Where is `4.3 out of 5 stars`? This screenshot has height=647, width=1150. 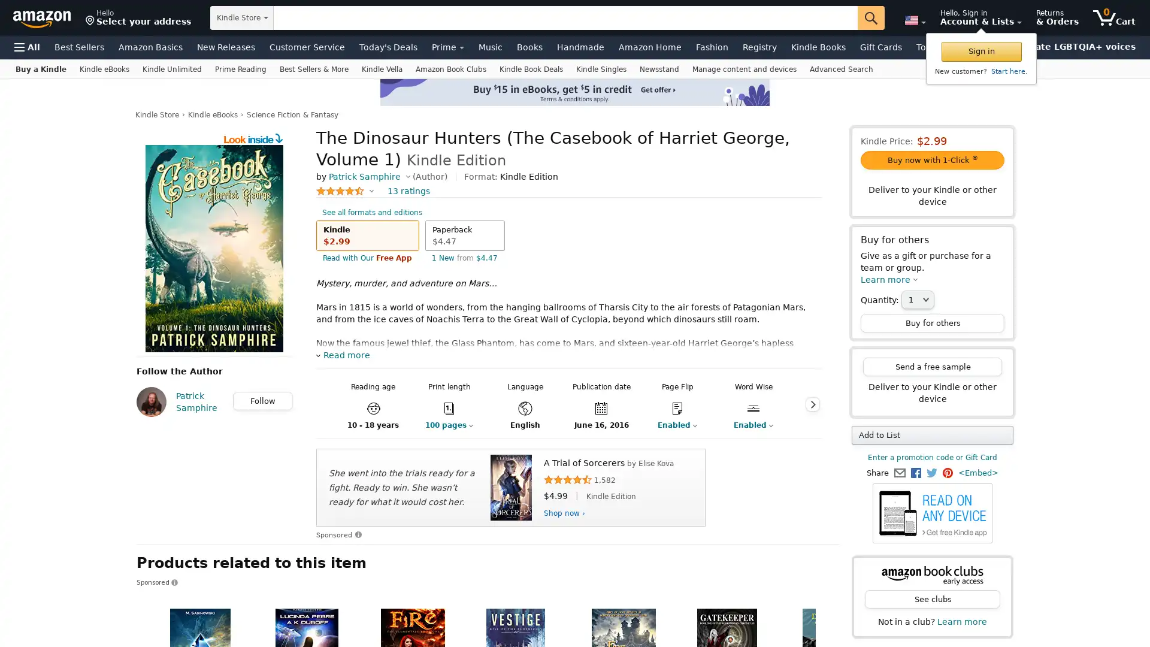 4.3 out of 5 stars is located at coordinates (344, 191).